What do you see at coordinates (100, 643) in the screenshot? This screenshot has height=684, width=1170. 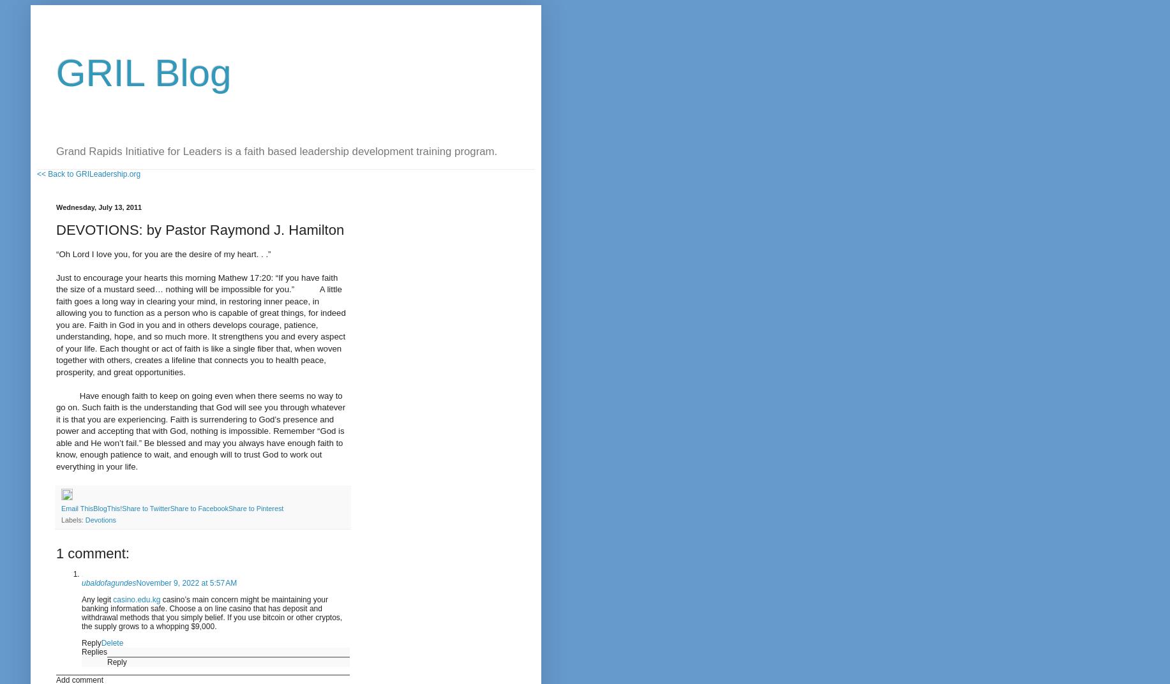 I see `'Delete'` at bounding box center [100, 643].